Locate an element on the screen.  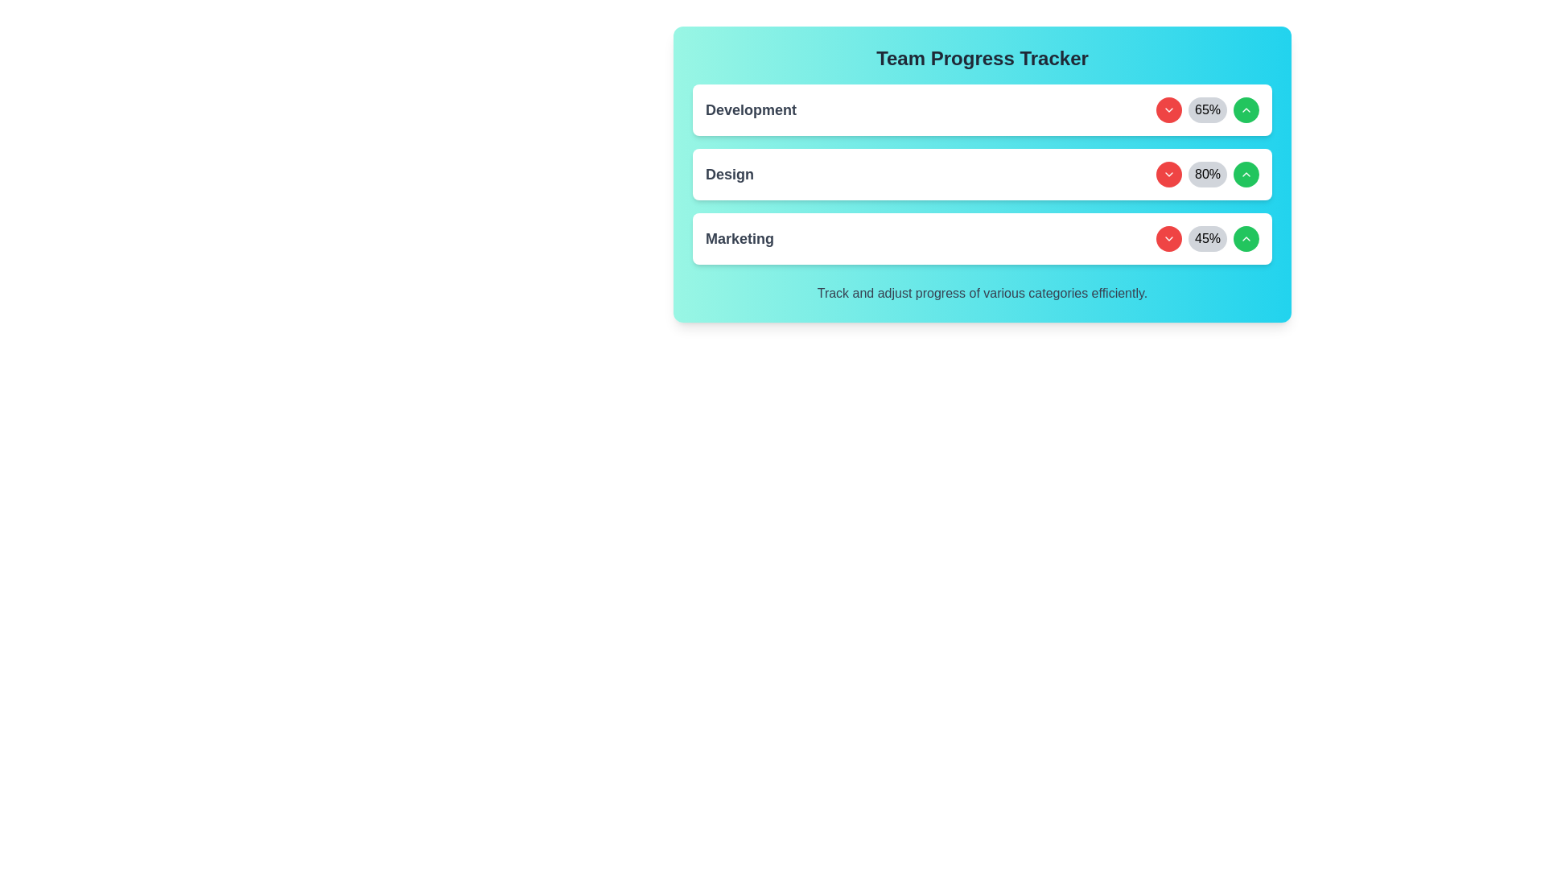
the green circular button with a white upward-pointing chevron icon is located at coordinates (1246, 109).